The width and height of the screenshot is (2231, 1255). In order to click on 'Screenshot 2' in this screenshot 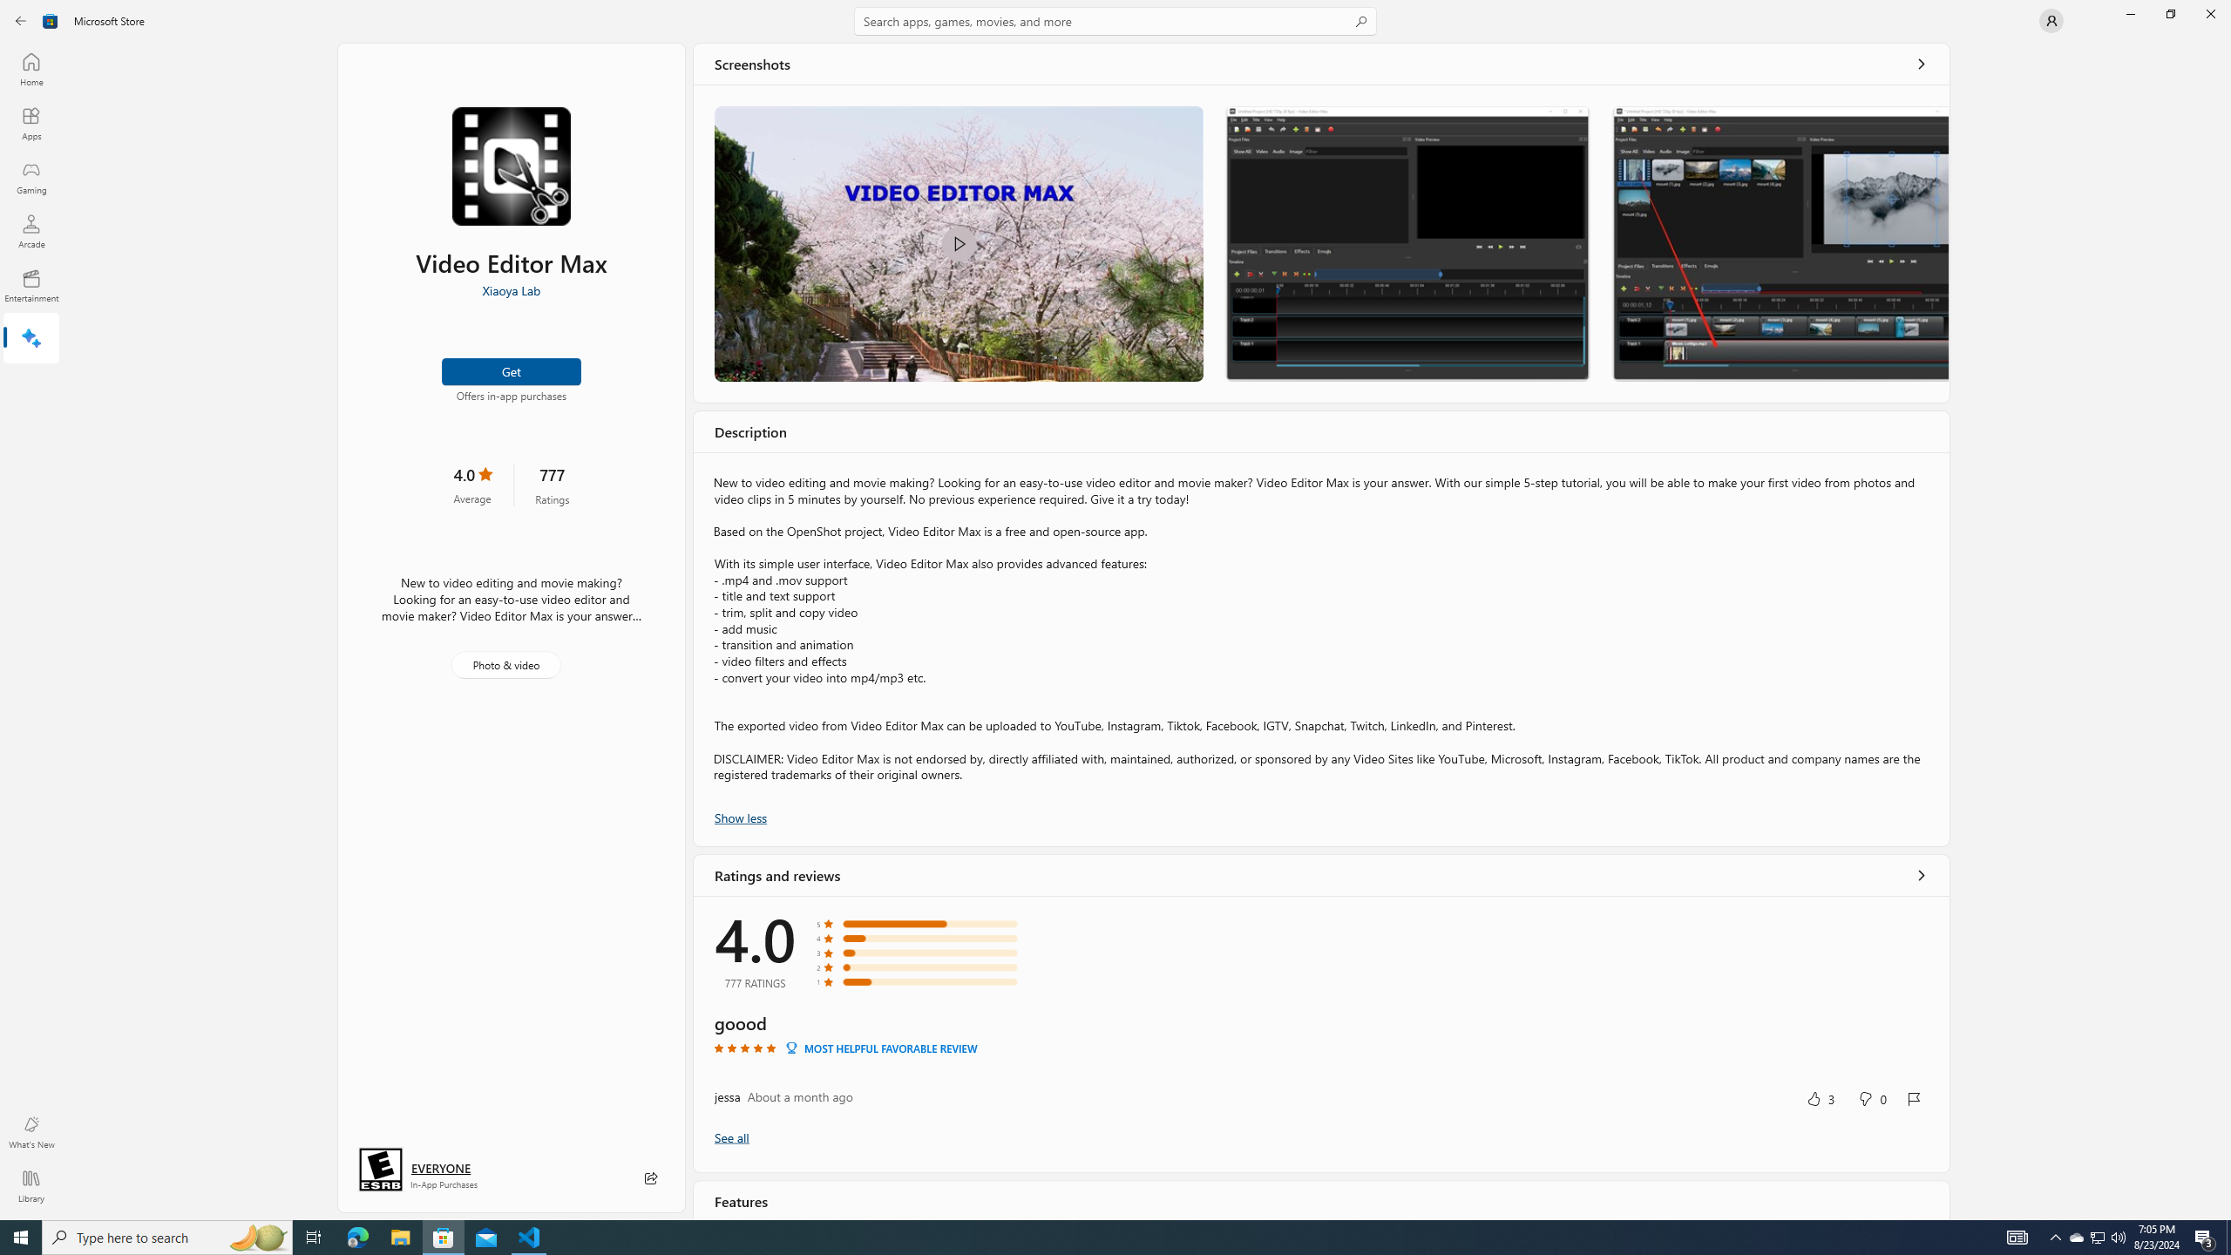, I will do `click(1407, 243)`.